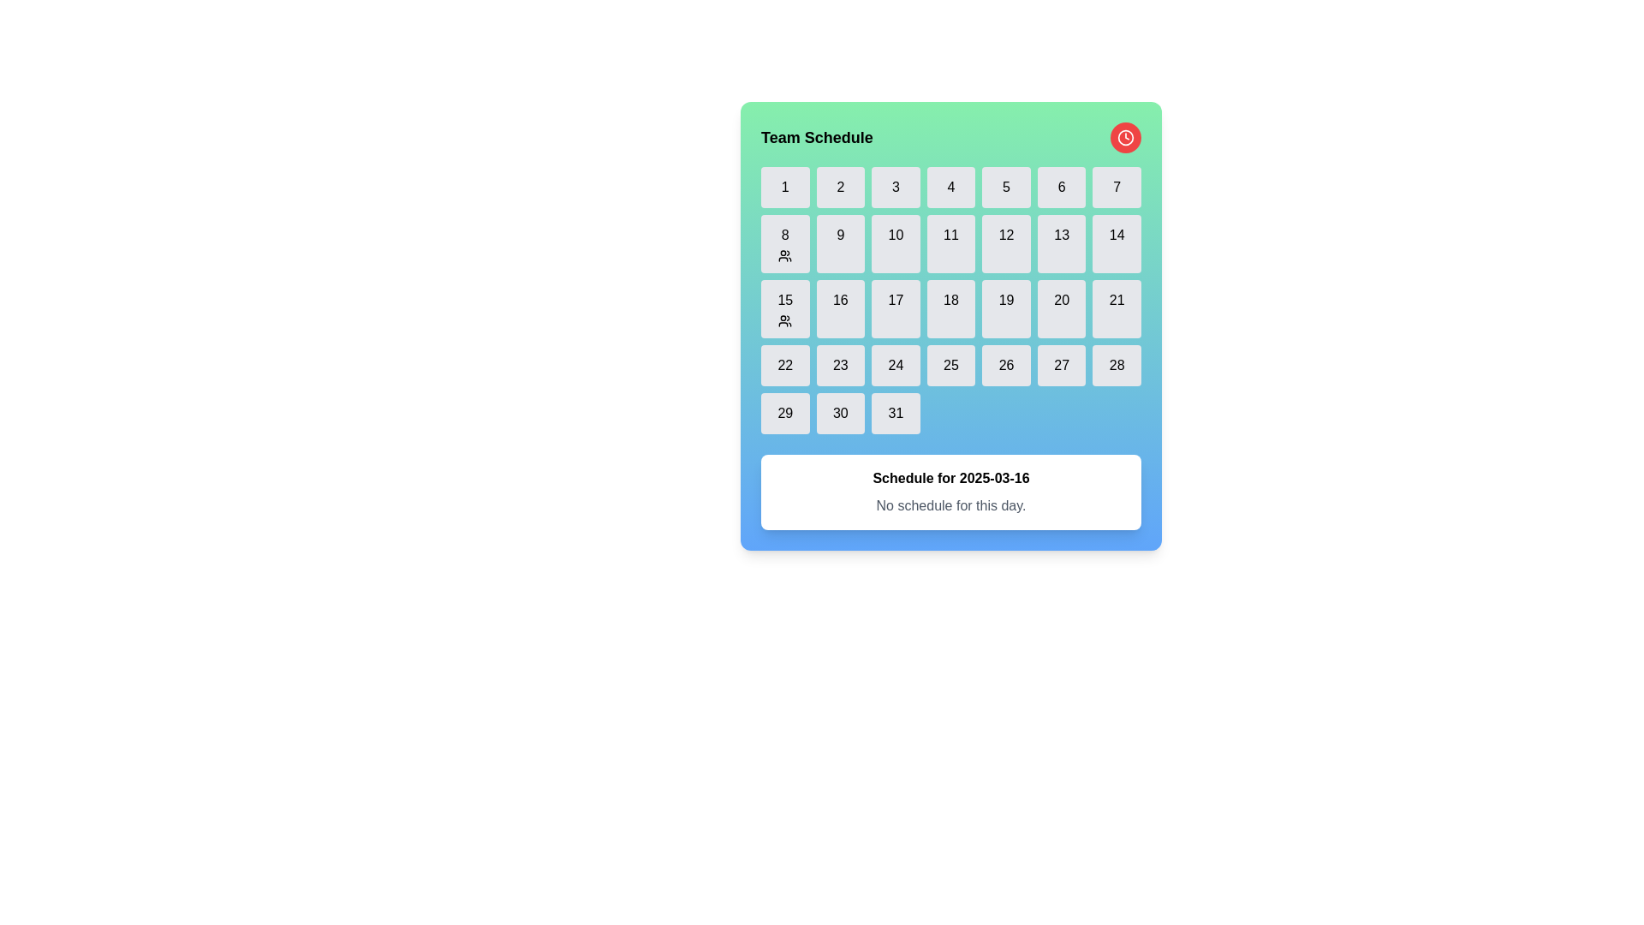  Describe the element at coordinates (784, 300) in the screenshot. I see `the calendar day indicator displaying the number '15' in bold black font on a light gray background` at that location.